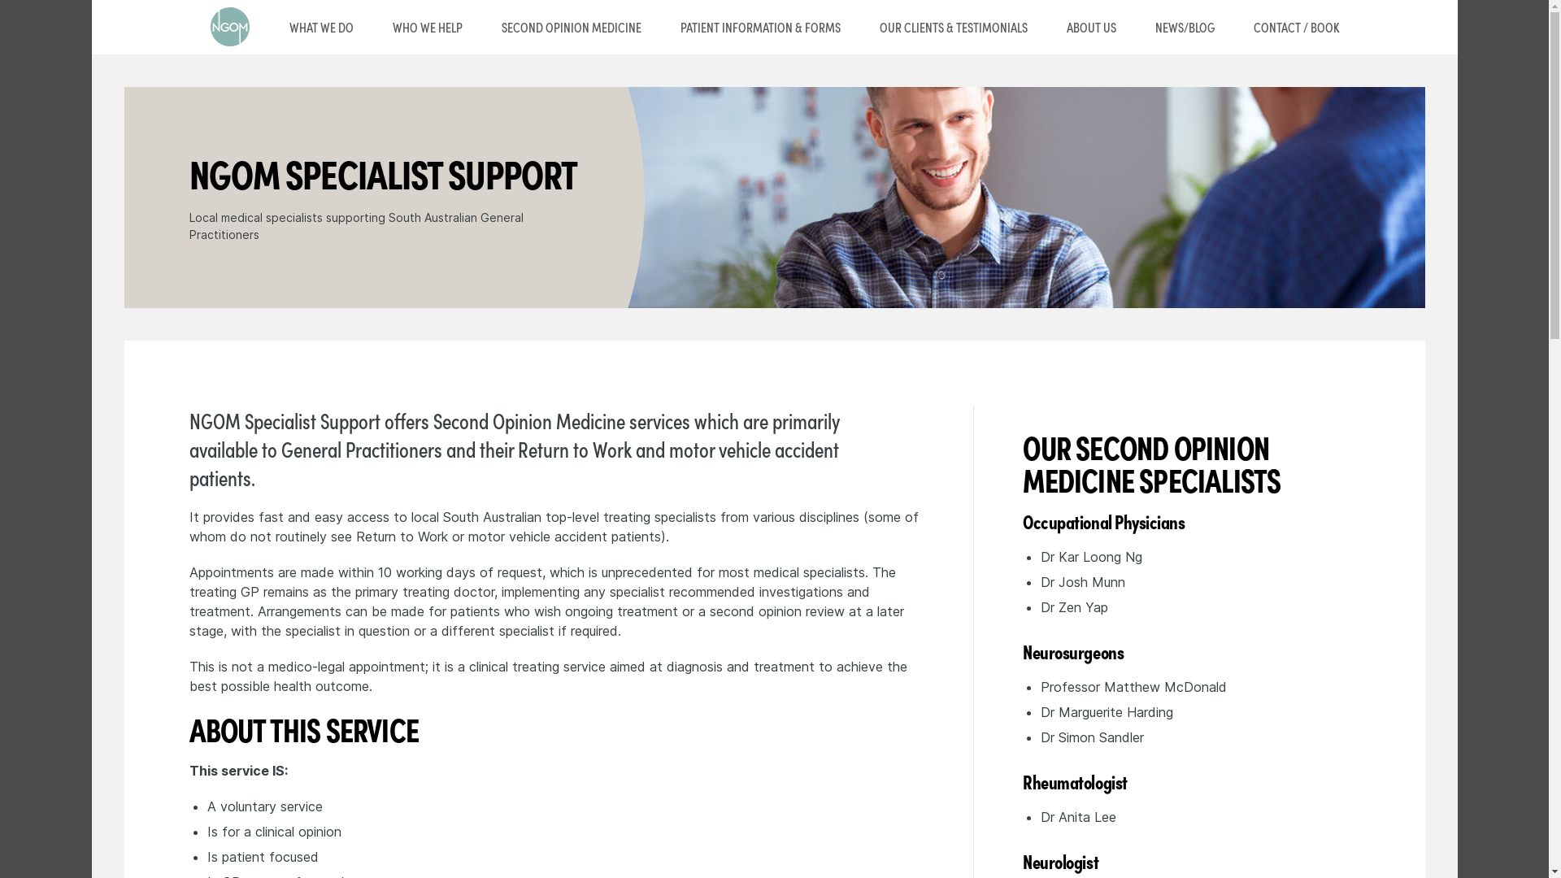 Image resolution: width=1561 pixels, height=878 pixels. What do you see at coordinates (480, 27) in the screenshot?
I see `'SECOND OPINION MEDICINE'` at bounding box center [480, 27].